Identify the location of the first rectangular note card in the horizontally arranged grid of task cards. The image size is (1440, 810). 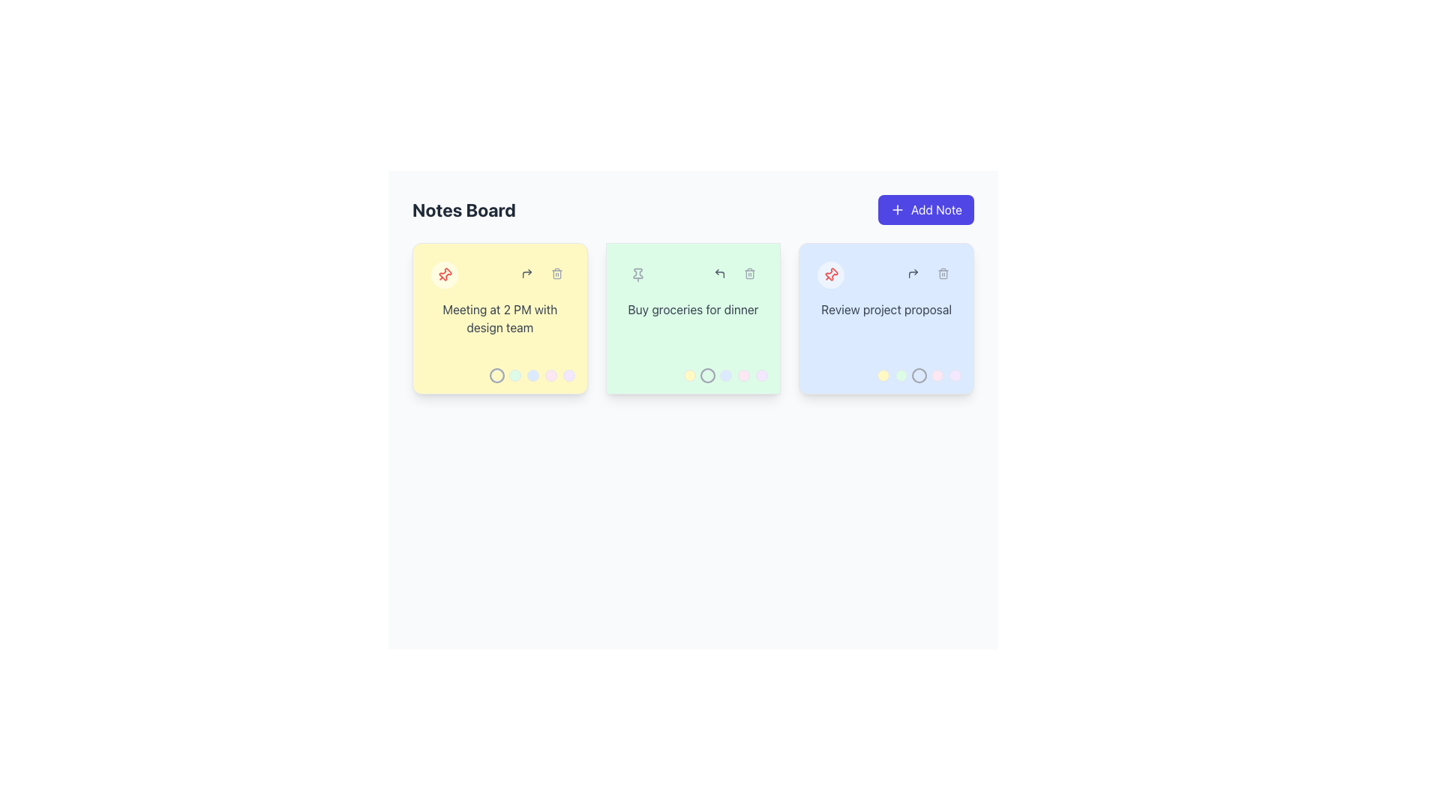
(499, 317).